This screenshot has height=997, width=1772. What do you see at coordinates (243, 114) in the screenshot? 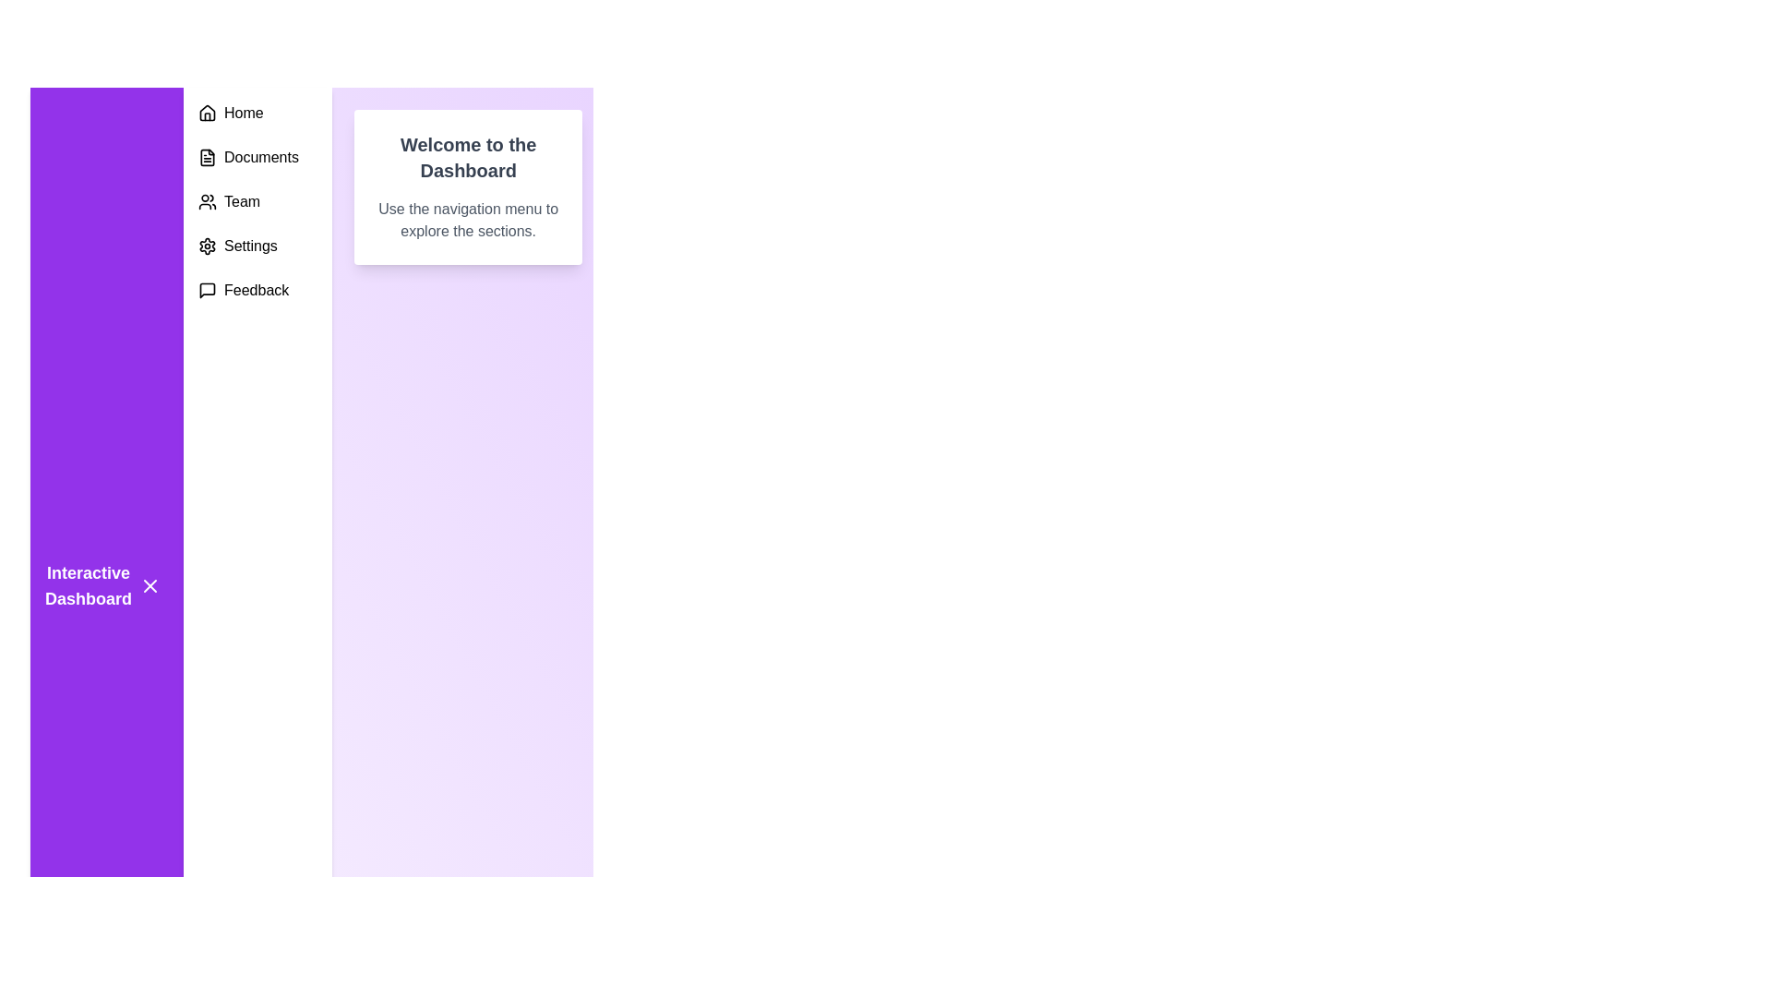
I see `the navigational text label located to the right of the house icon in the purple sidebar` at bounding box center [243, 114].